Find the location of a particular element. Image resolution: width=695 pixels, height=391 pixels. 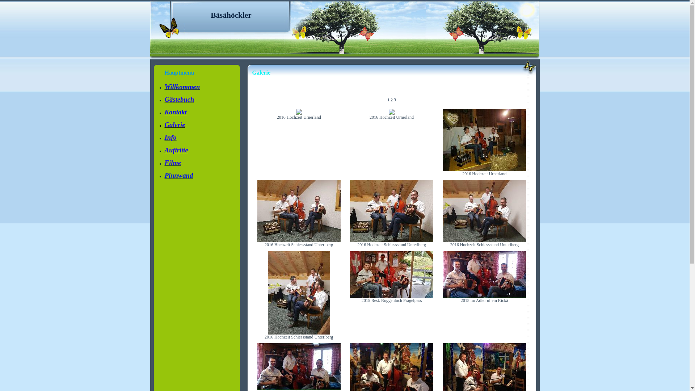

'1' is located at coordinates (388, 100).